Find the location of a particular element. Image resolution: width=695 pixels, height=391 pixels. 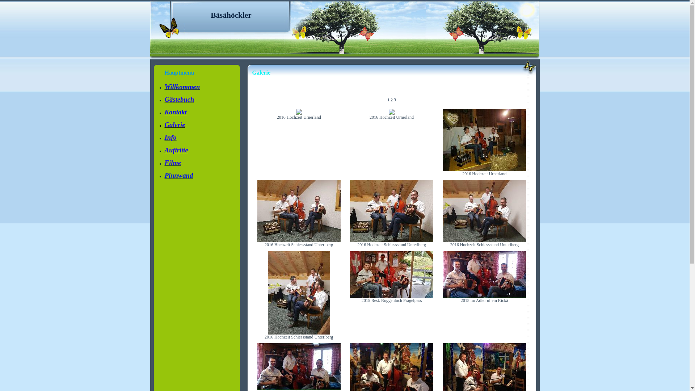

'1' is located at coordinates (388, 100).